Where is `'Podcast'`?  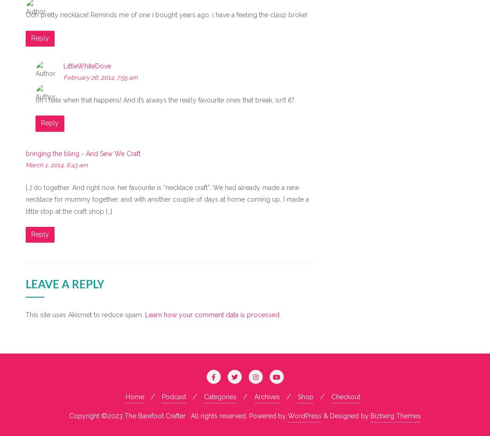 'Podcast' is located at coordinates (173, 396).